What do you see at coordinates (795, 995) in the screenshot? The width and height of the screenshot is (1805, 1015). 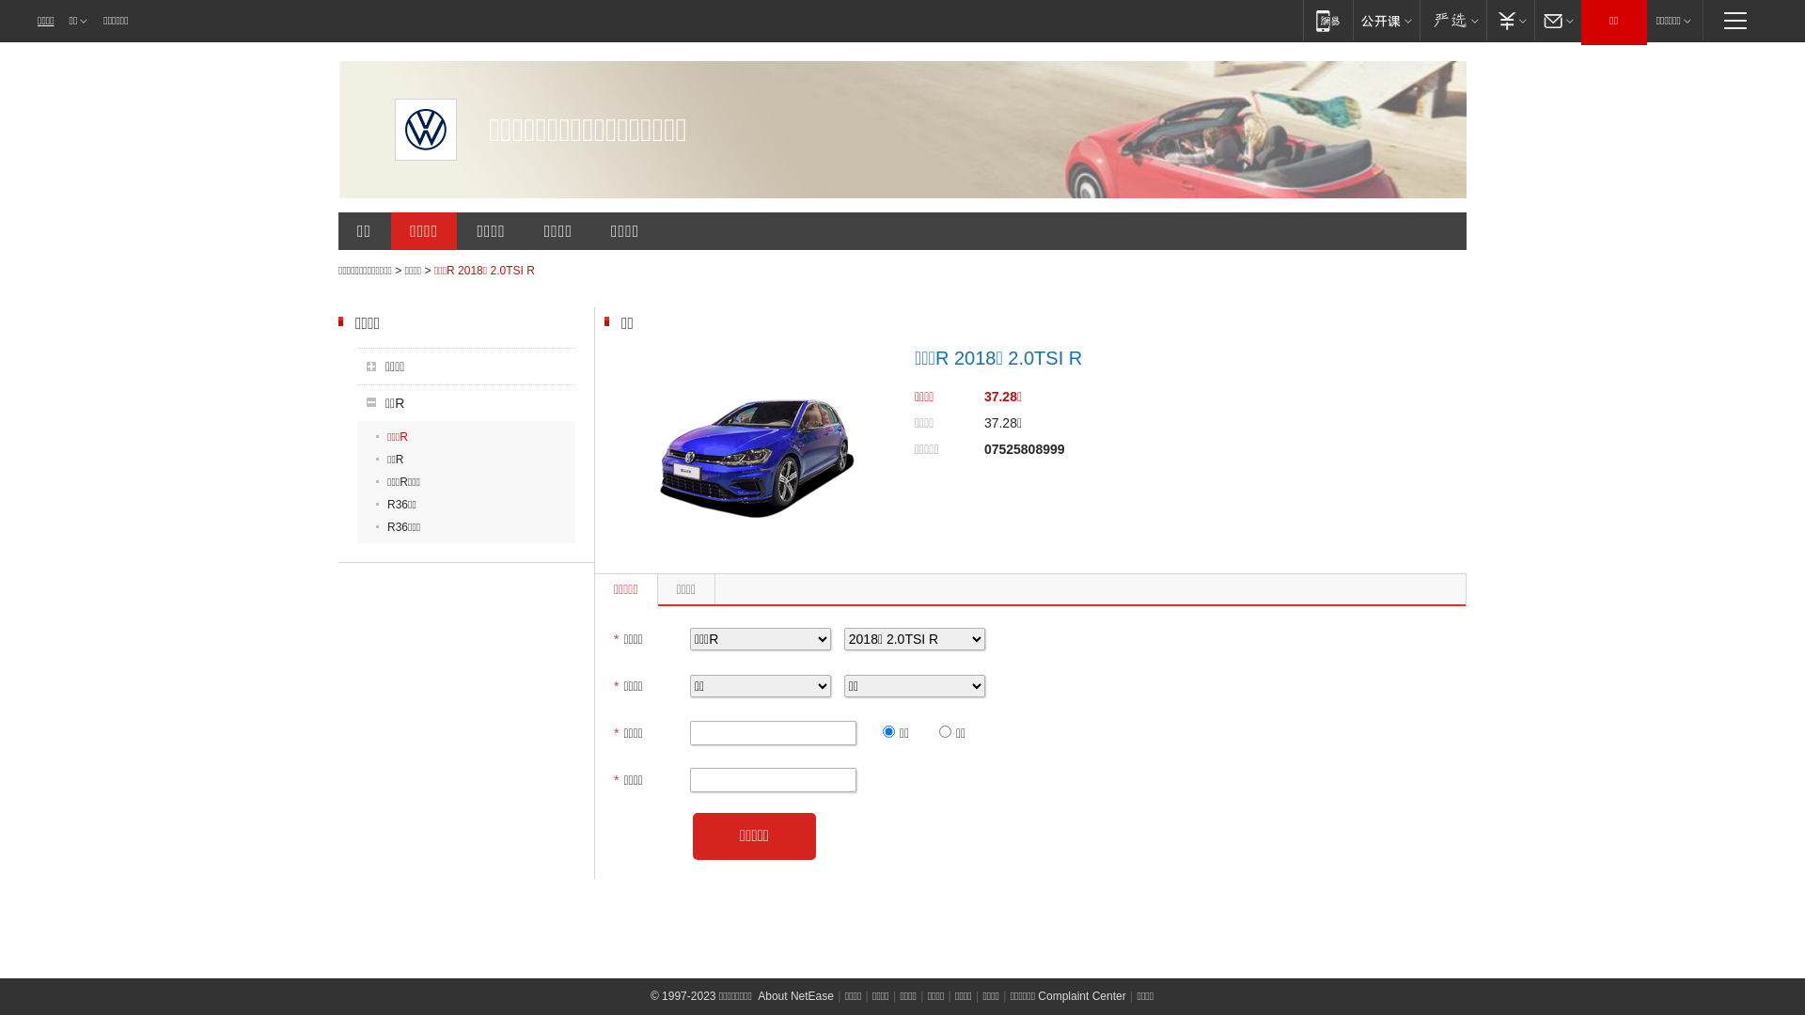 I see `'About NetEase'` at bounding box center [795, 995].